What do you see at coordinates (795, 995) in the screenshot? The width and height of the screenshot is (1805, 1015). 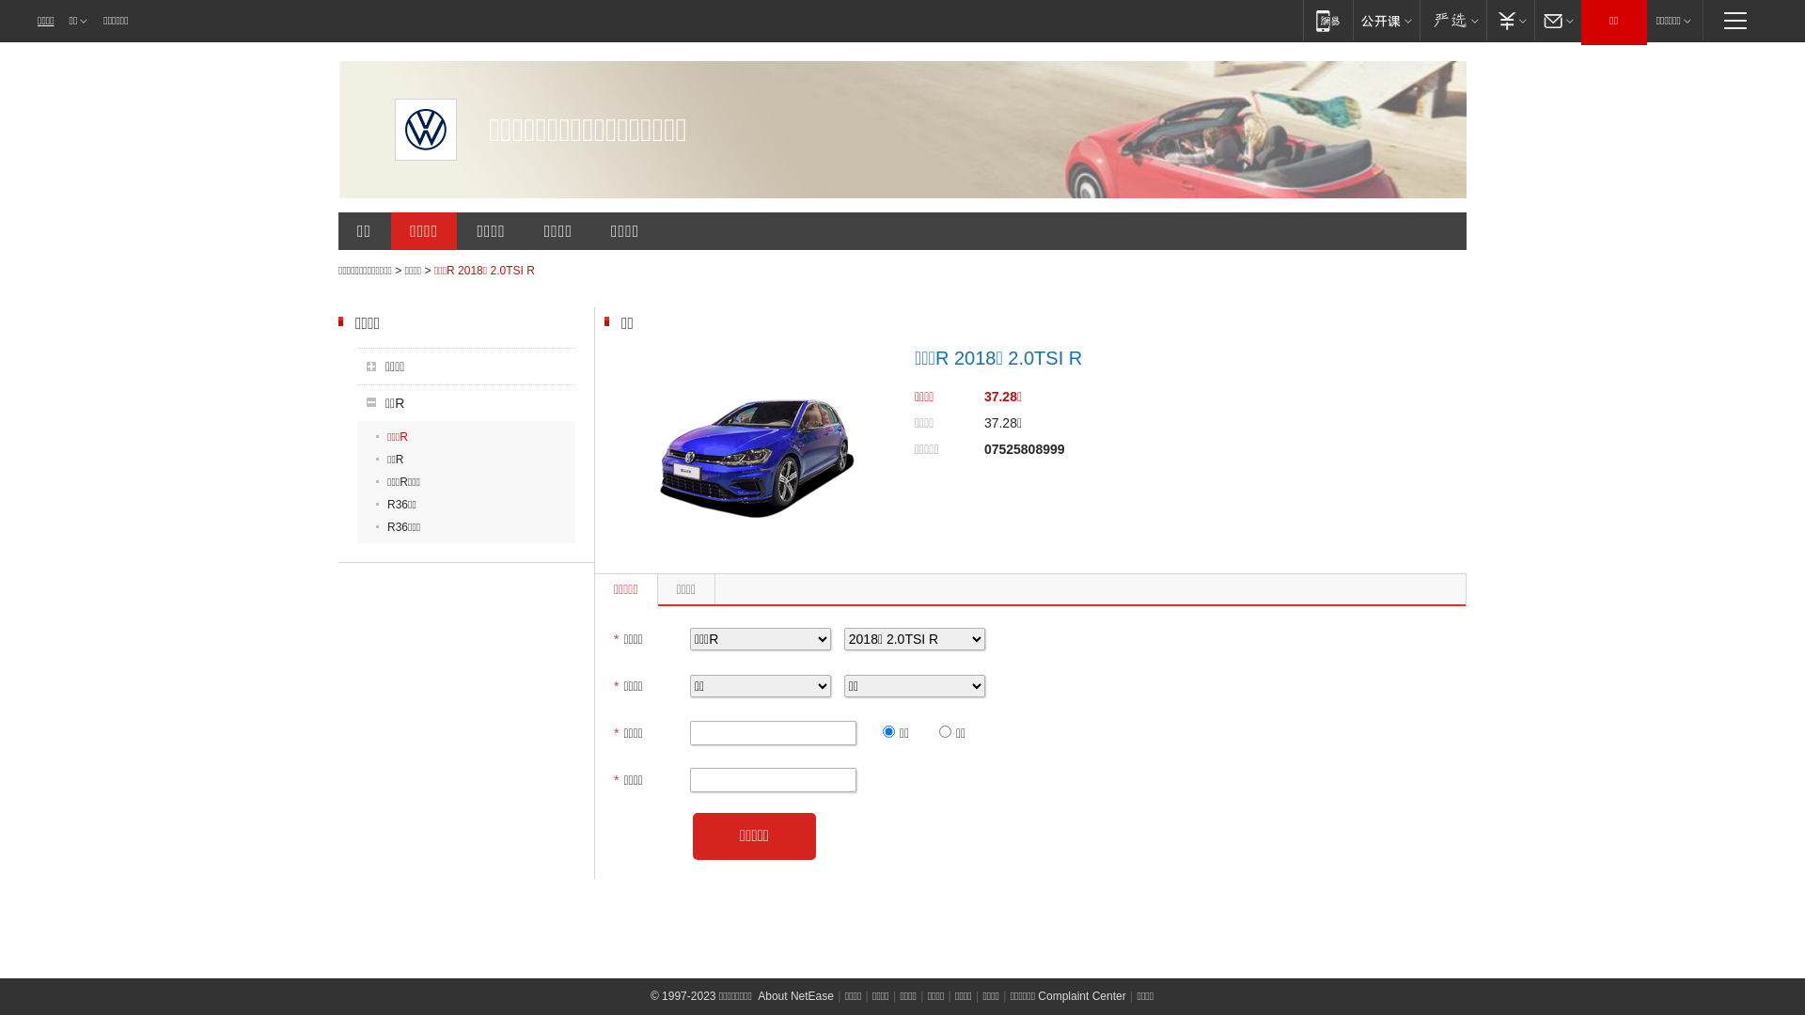 I see `'About NetEase'` at bounding box center [795, 995].